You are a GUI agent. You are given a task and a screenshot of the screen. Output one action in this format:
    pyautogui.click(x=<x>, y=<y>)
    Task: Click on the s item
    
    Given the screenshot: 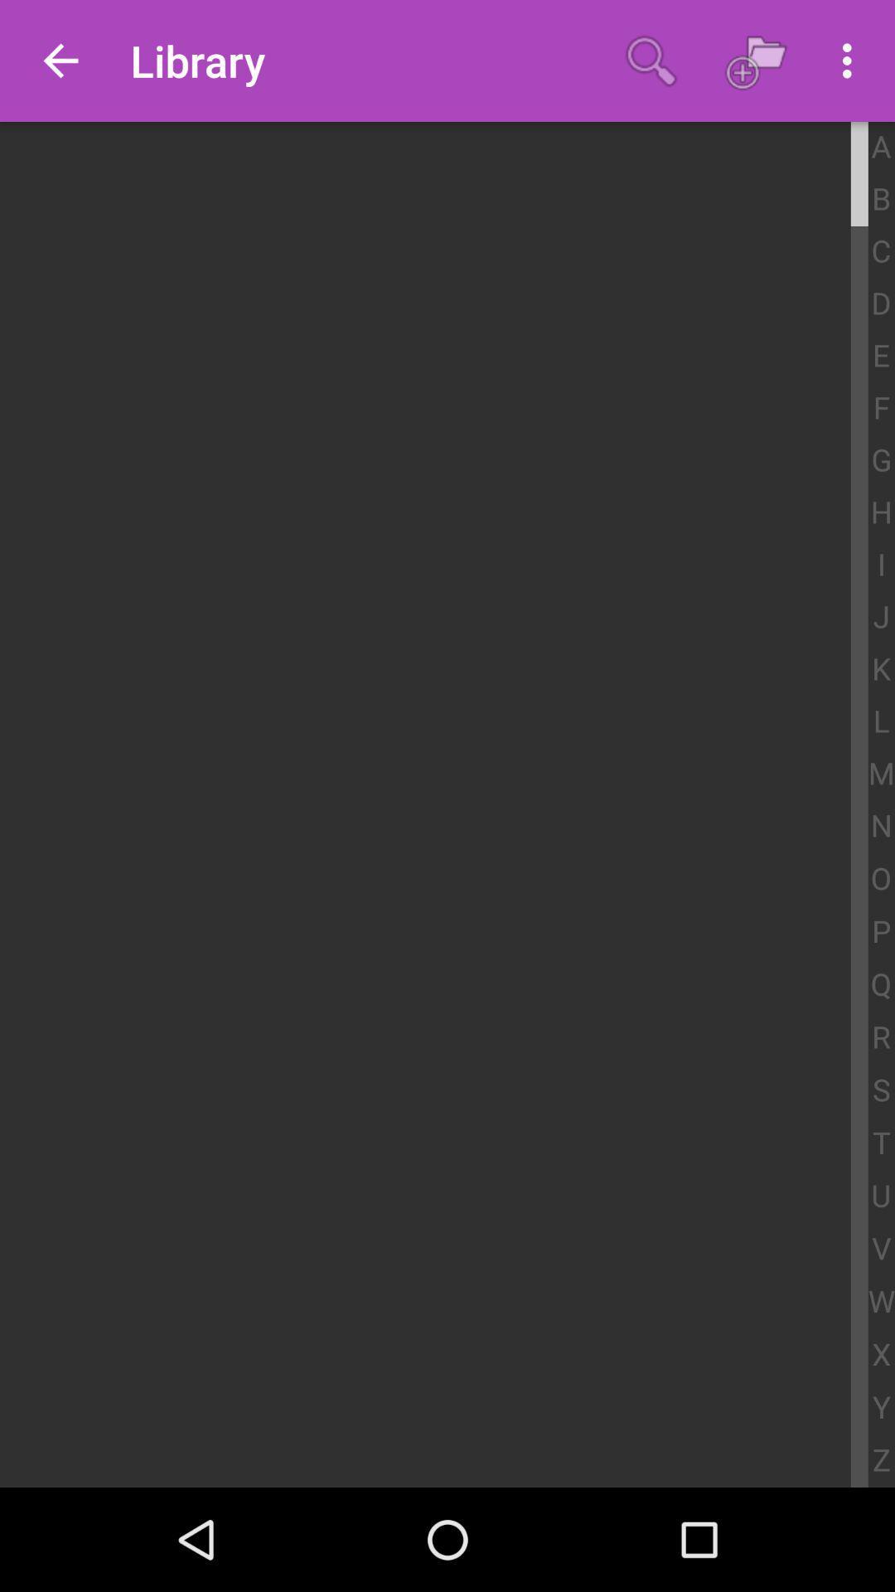 What is the action you would take?
    pyautogui.click(x=880, y=1090)
    